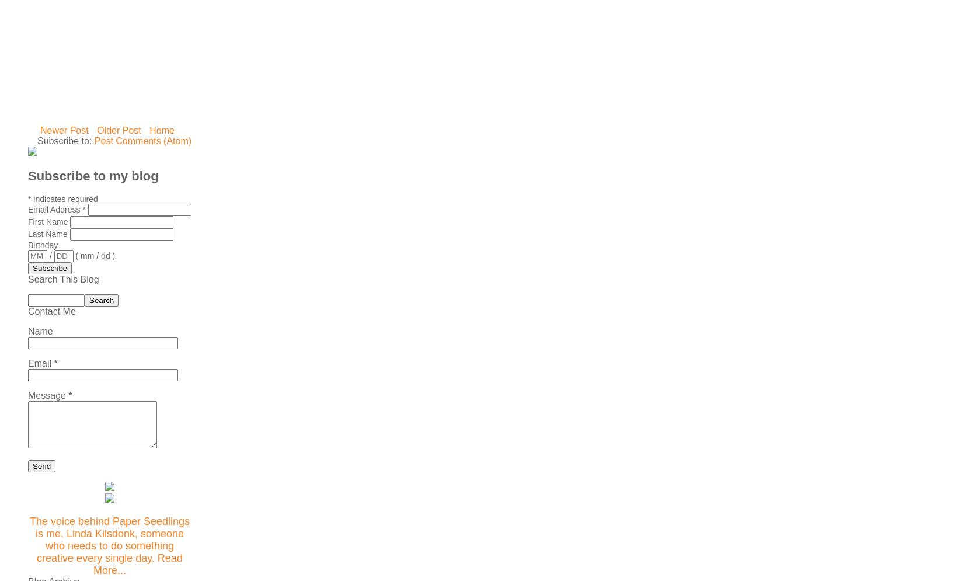  What do you see at coordinates (27, 221) in the screenshot?
I see `'First Name'` at bounding box center [27, 221].